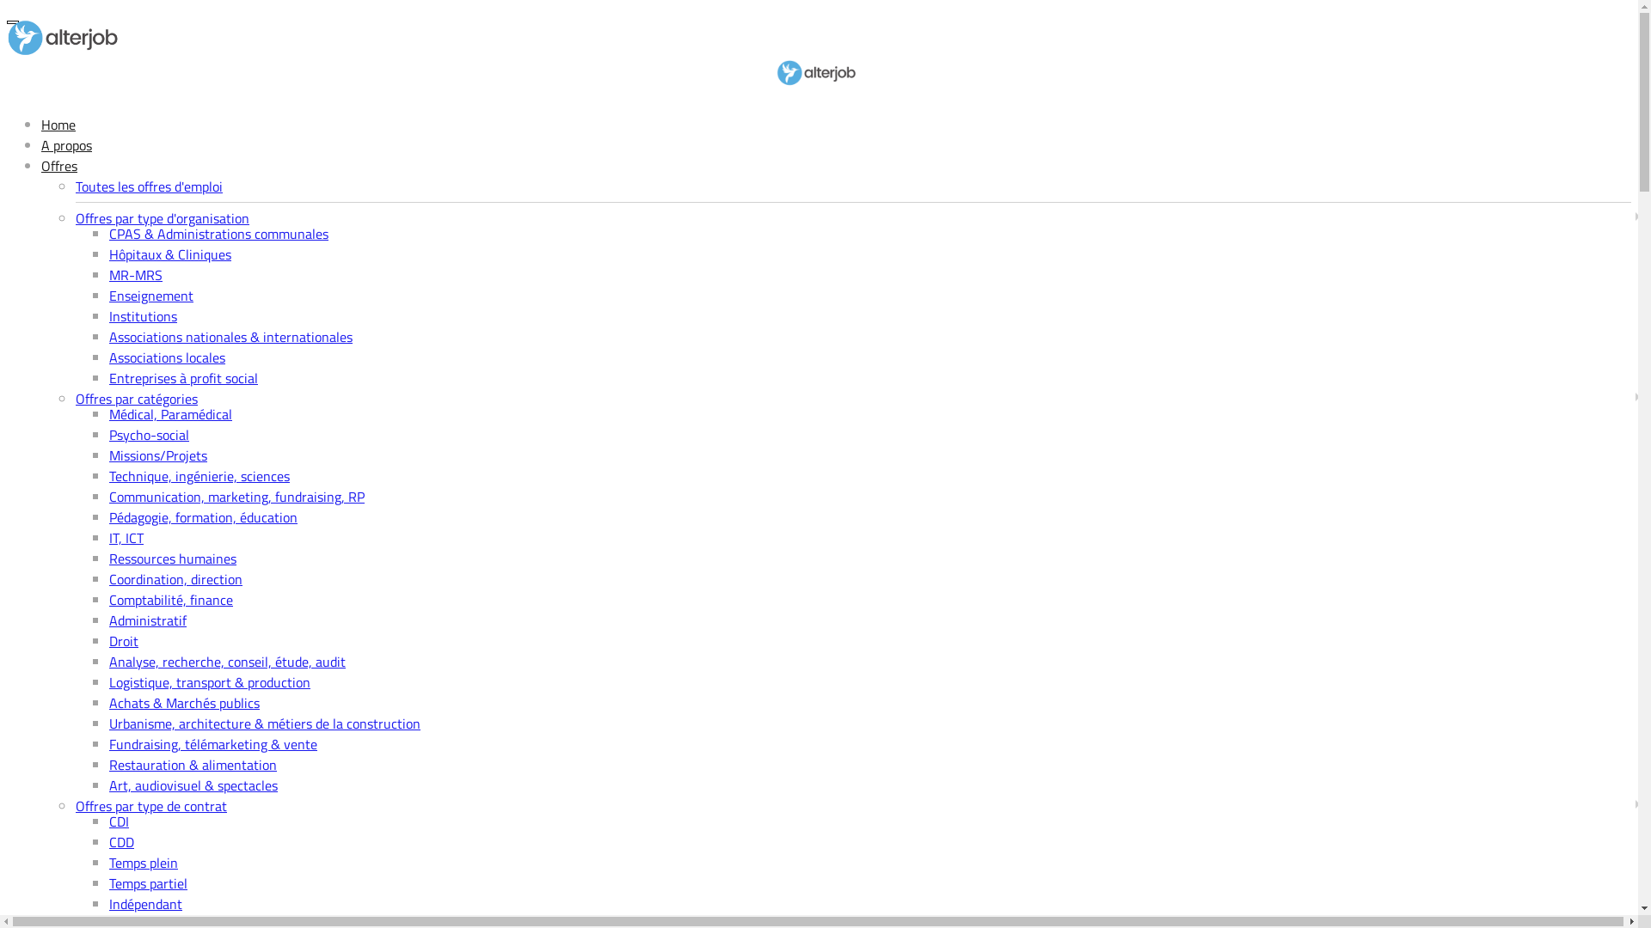 The height and width of the screenshot is (928, 1651). Describe the element at coordinates (193, 764) in the screenshot. I see `'Restauration & alimentation'` at that location.